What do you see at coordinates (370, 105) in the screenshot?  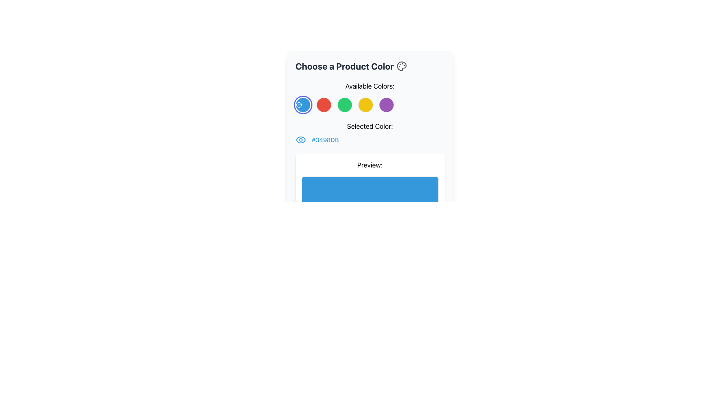 I see `the fourth circular button representing the selectable color option for yellow located under the label 'Available Colors:' in the 'Choose a Product Color' section` at bounding box center [370, 105].